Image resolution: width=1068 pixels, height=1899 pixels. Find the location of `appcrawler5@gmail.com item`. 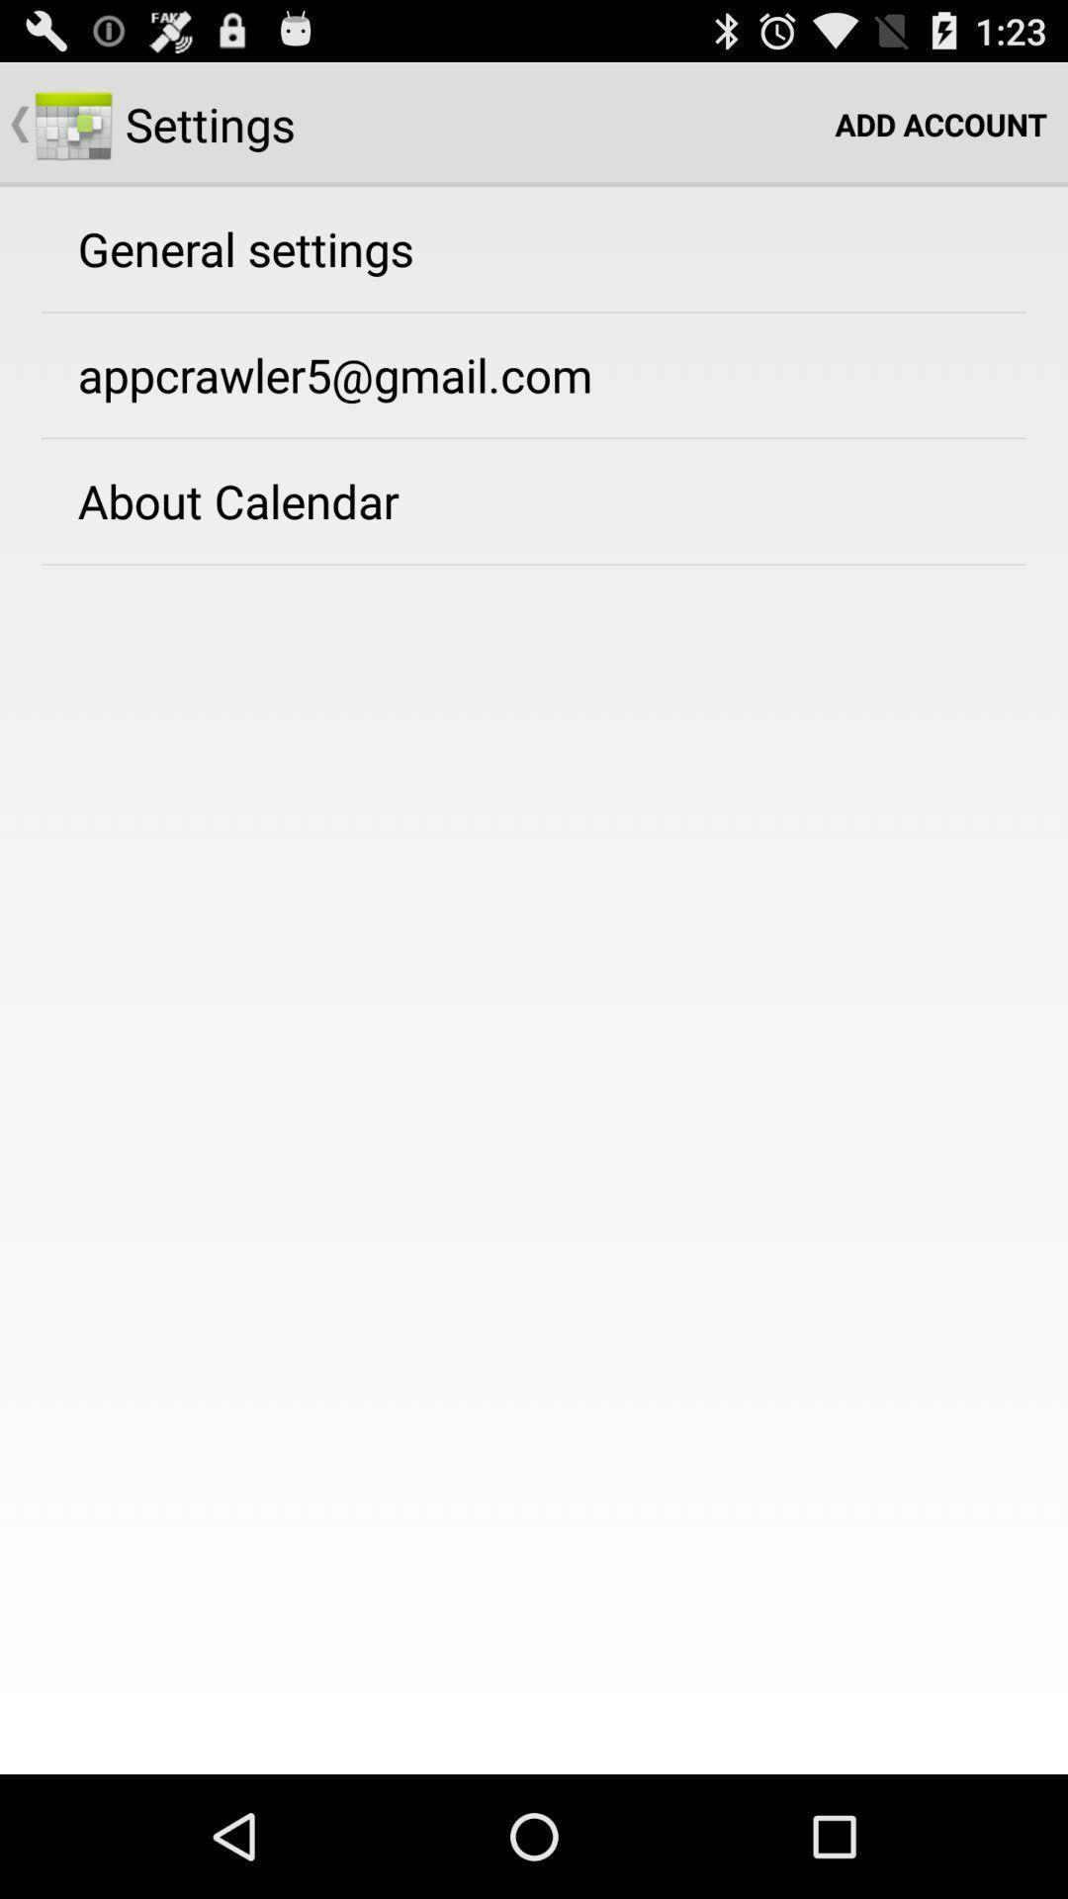

appcrawler5@gmail.com item is located at coordinates (334, 375).